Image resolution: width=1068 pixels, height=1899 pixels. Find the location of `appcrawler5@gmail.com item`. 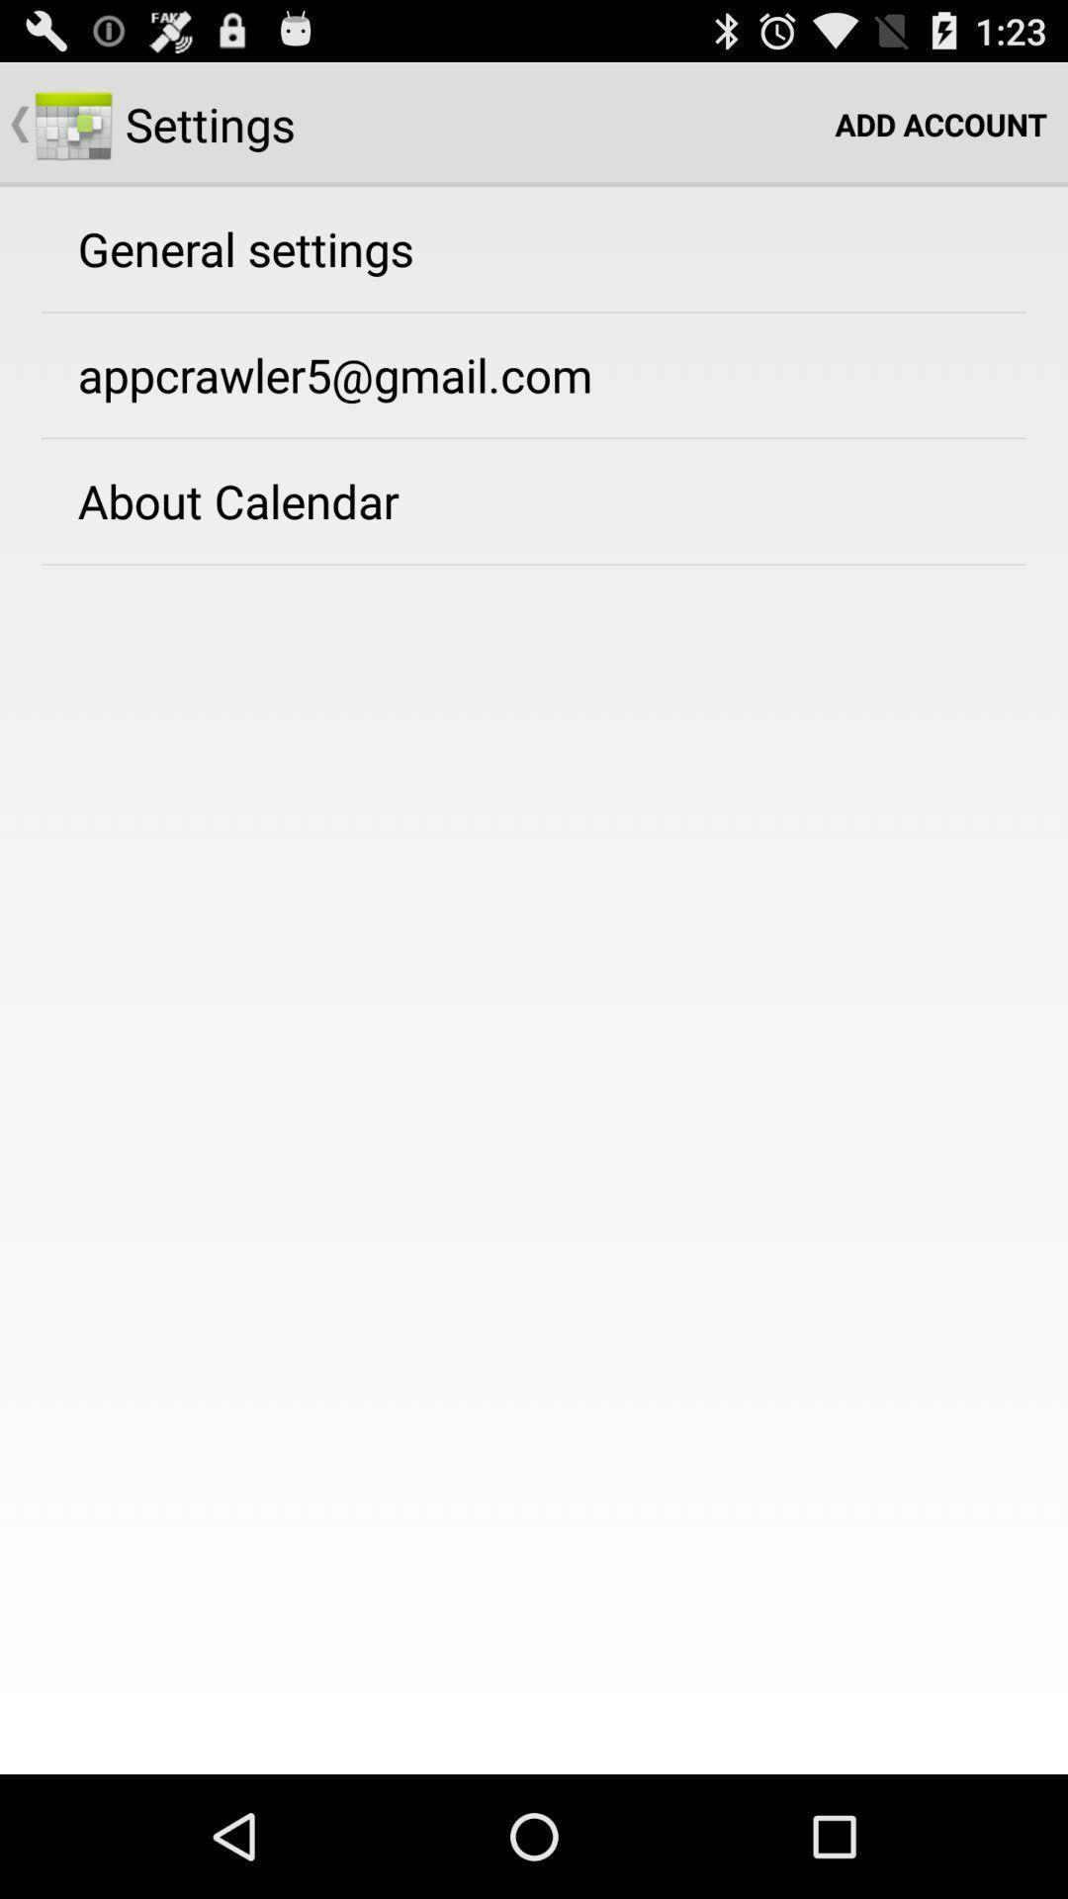

appcrawler5@gmail.com item is located at coordinates (334, 375).